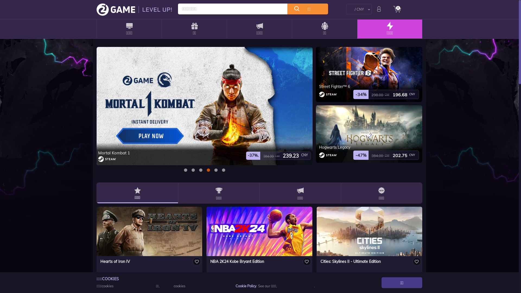  I want to click on 'login', so click(379, 9).